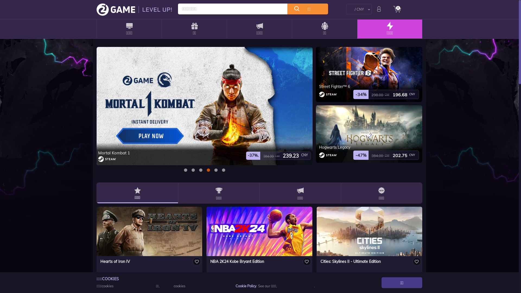  I want to click on 'login', so click(379, 9).